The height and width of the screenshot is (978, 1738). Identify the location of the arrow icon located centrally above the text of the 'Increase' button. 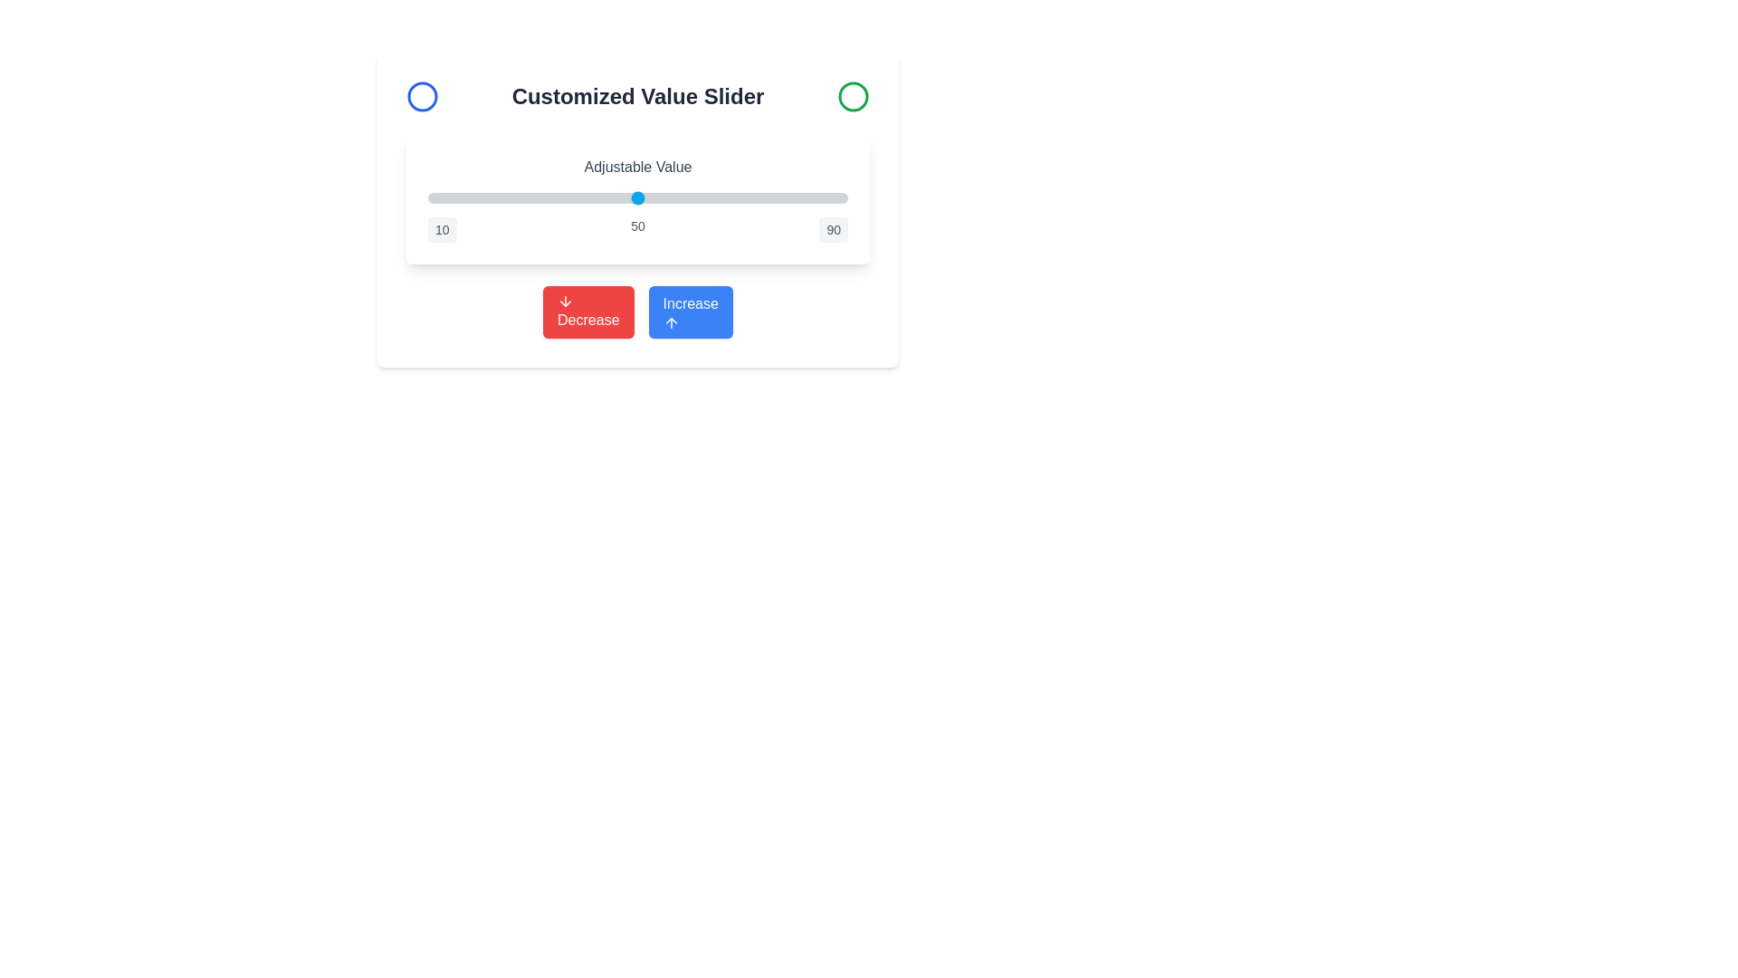
(670, 322).